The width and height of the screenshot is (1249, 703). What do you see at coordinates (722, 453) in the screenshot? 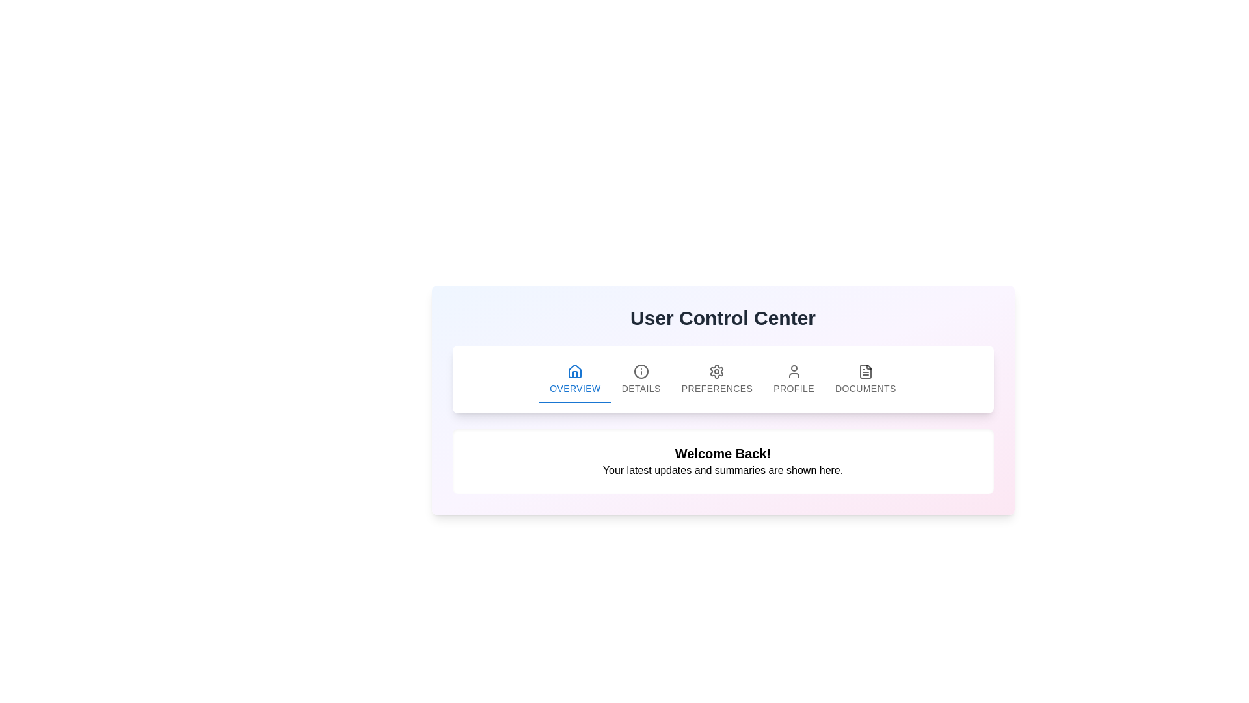
I see `the bold text element displaying 'Welcome Back!' located in the center of the User Control Center section` at bounding box center [722, 453].